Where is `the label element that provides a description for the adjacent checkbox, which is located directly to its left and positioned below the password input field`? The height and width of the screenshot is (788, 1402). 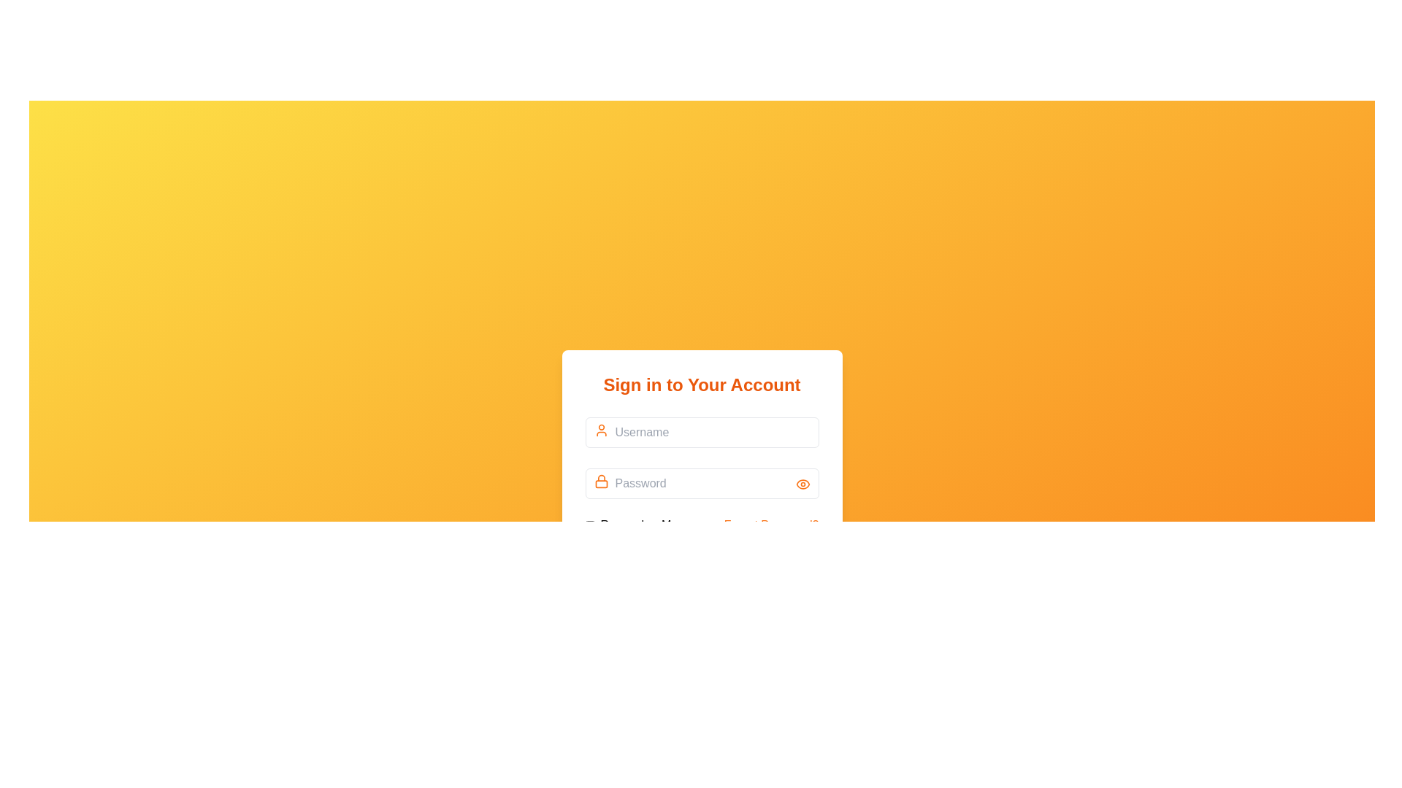 the label element that provides a description for the adjacent checkbox, which is located directly to its left and positioned below the password input field is located at coordinates (639, 525).